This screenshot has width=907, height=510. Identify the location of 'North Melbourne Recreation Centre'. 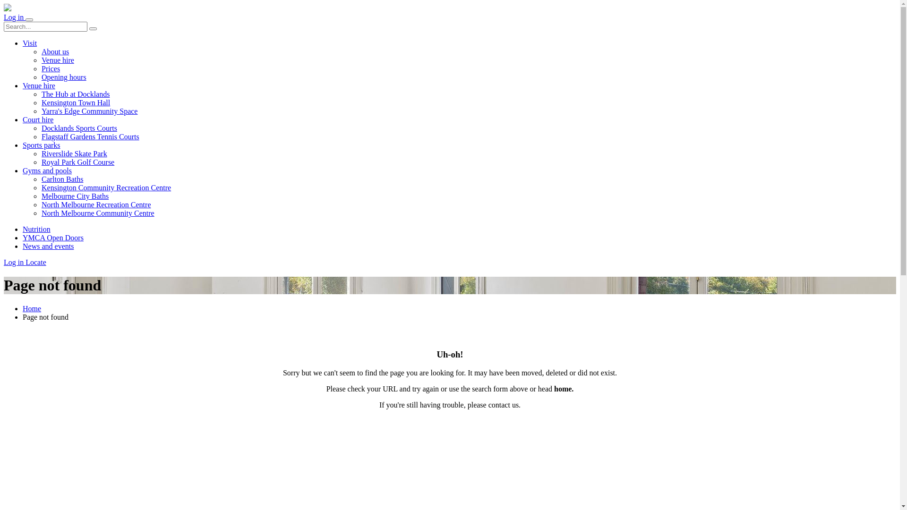
(96, 204).